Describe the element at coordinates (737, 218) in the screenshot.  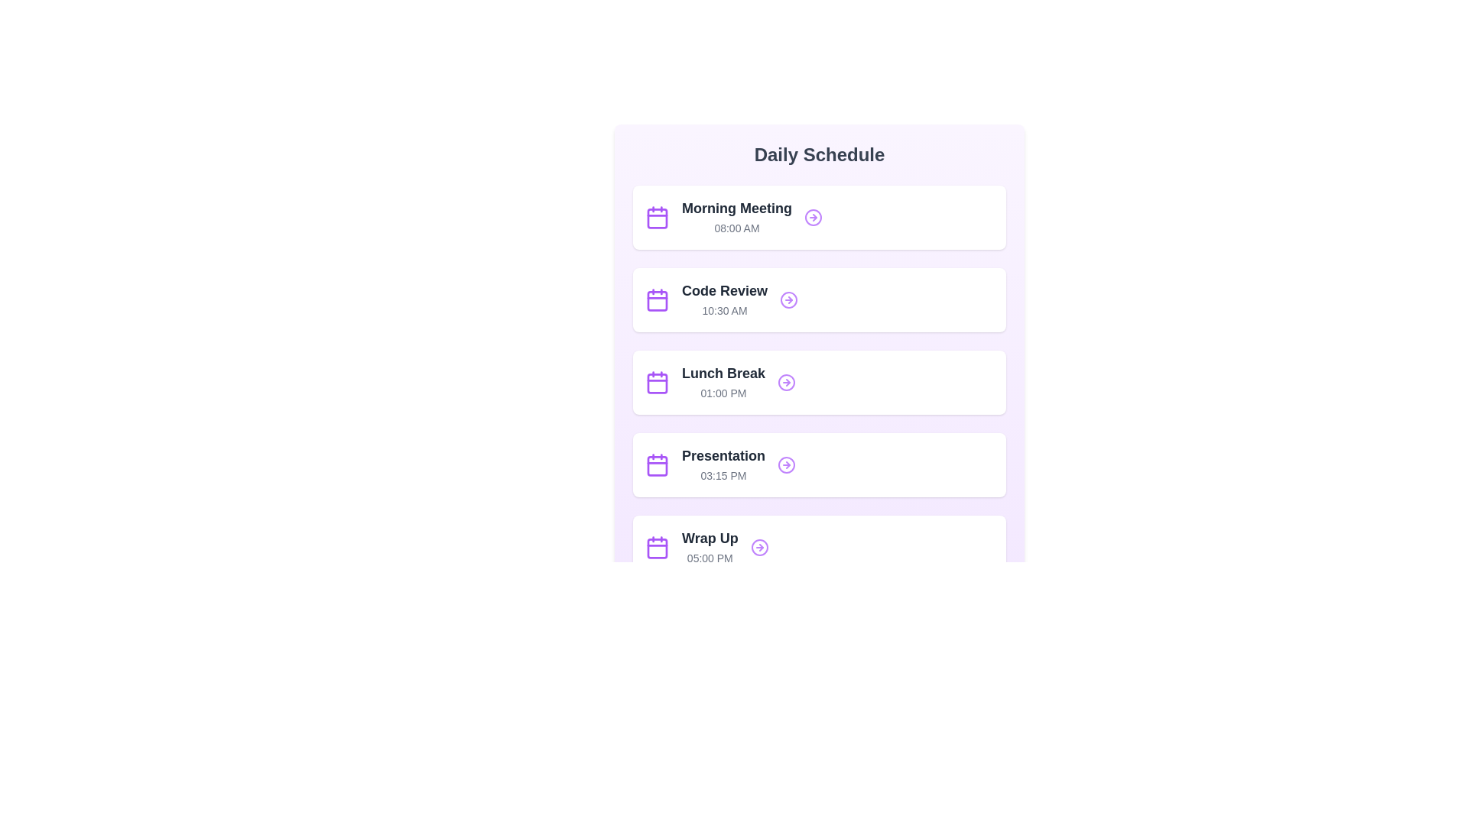
I see `information displayed in the 'Morning Meeting' text label located at the top of the 'Daily Schedule' card, which includes the meeting title and time` at that location.